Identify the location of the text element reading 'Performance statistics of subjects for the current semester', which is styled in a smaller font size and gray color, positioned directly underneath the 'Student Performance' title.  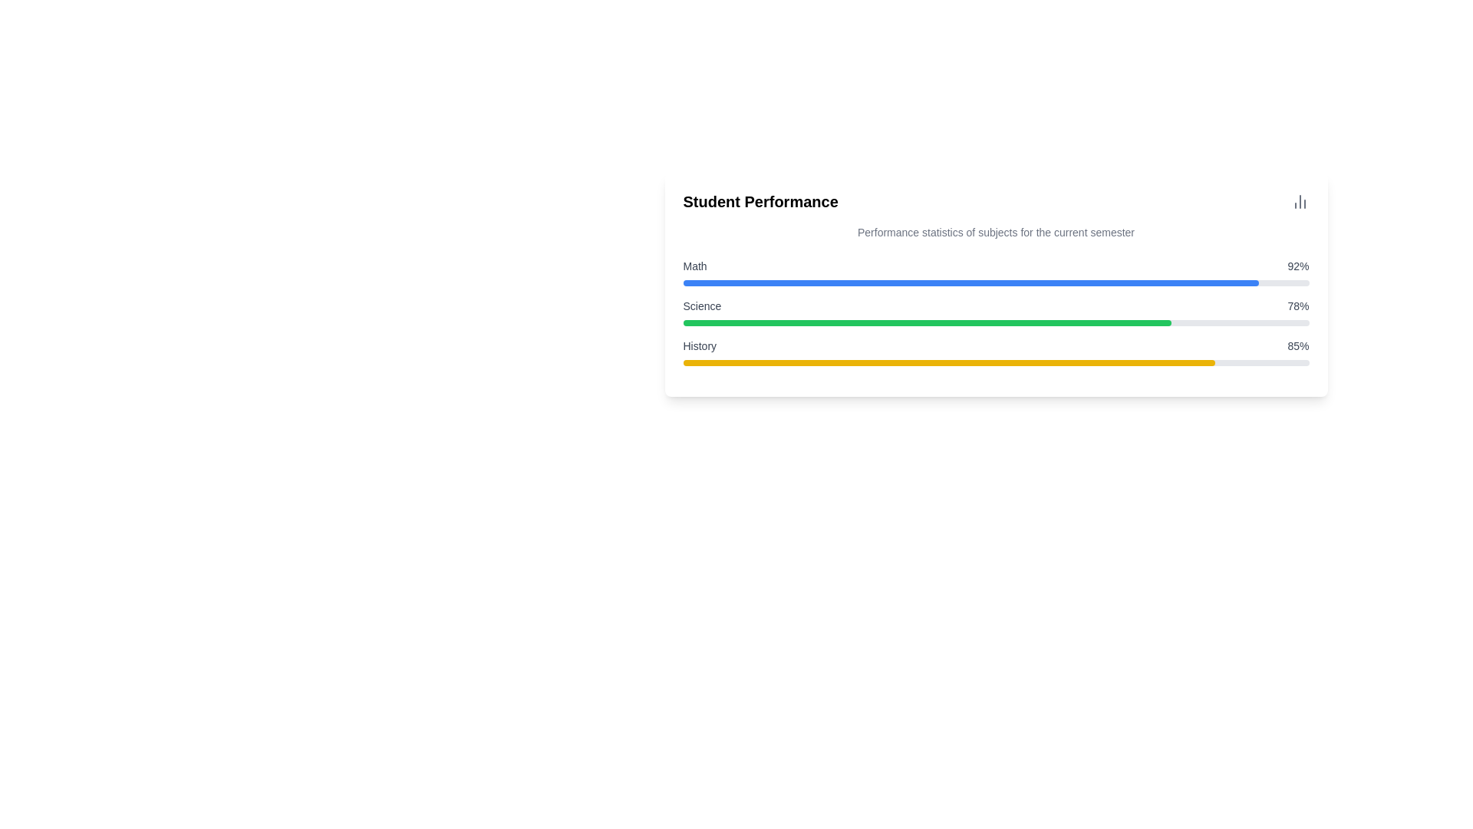
(996, 233).